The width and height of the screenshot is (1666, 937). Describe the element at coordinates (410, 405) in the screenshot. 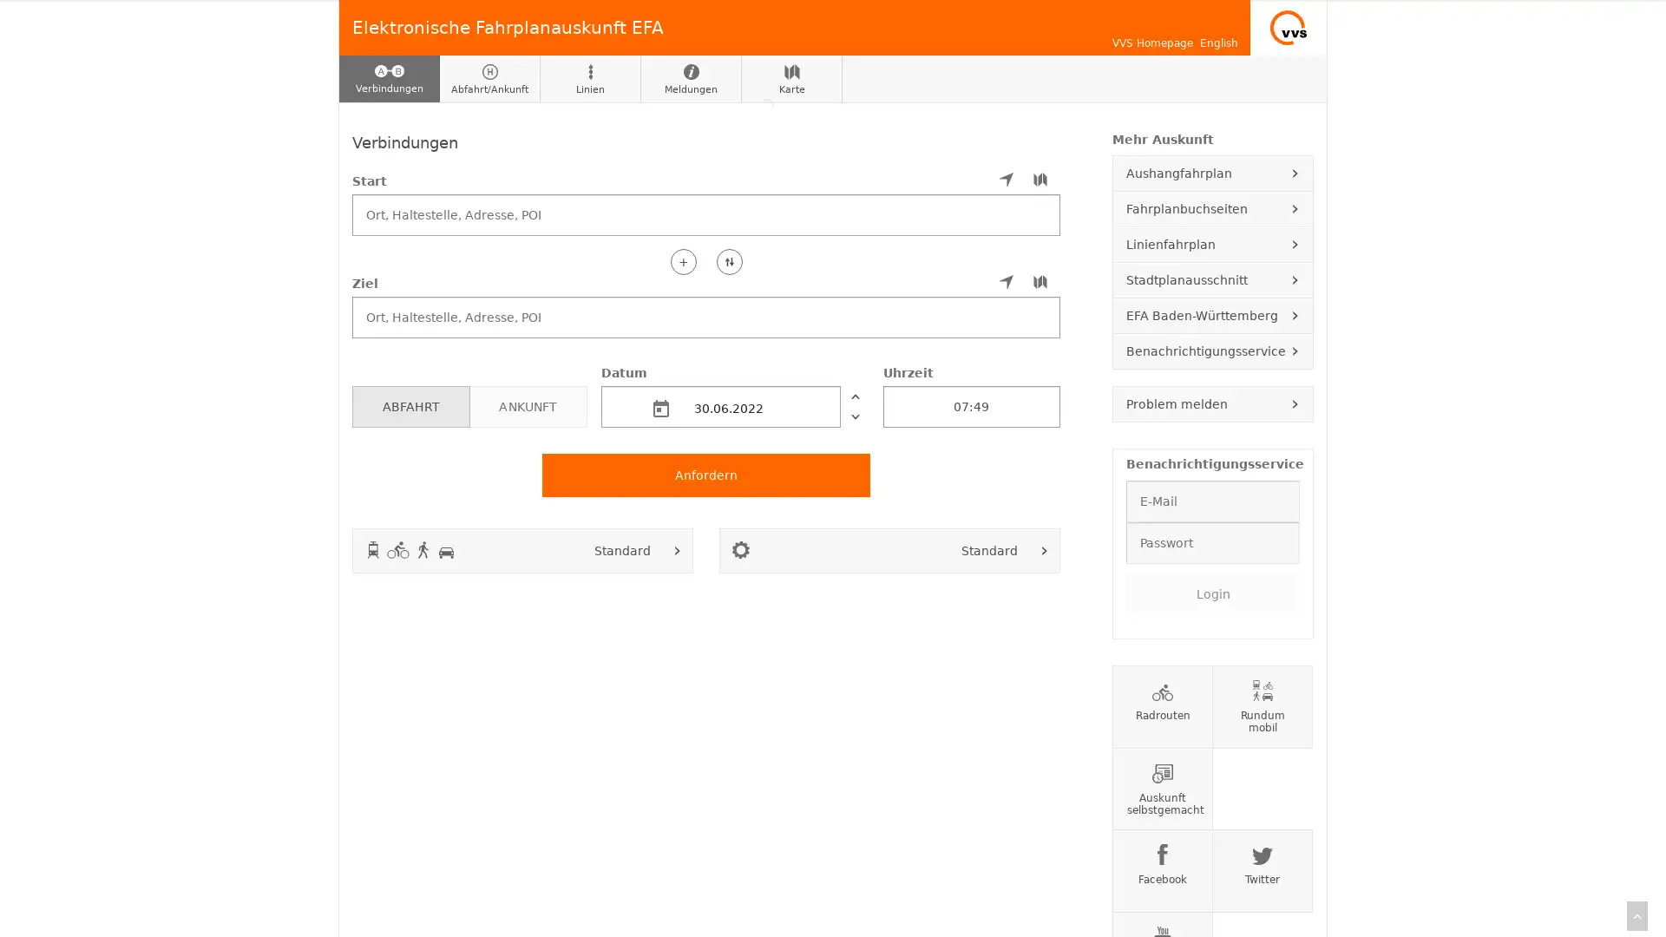

I see `ABFAHRT` at that location.